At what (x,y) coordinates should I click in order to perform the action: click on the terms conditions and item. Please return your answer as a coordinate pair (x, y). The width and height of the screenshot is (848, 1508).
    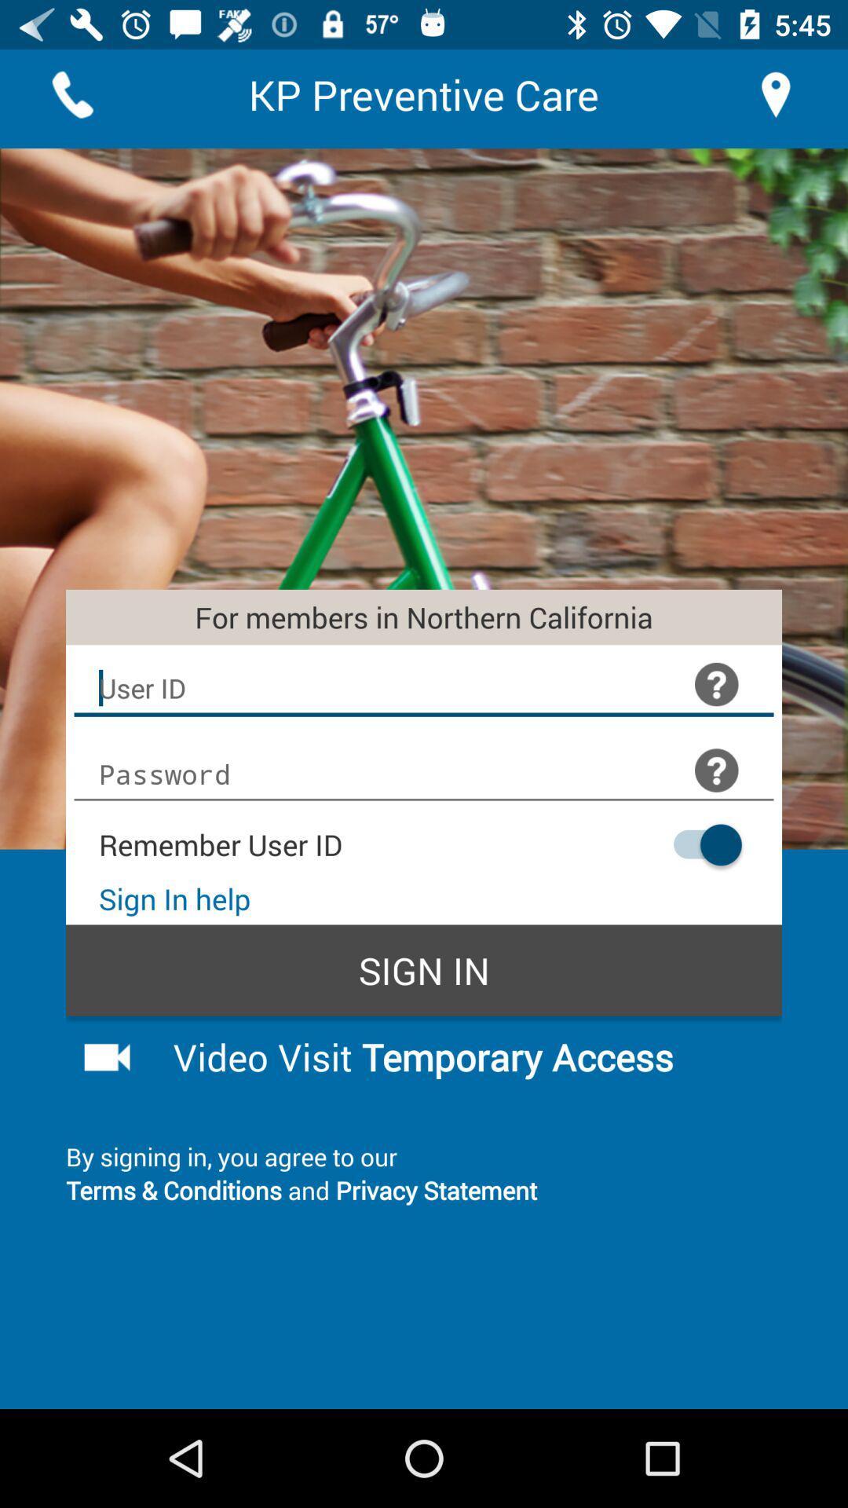
    Looking at the image, I should click on (424, 1190).